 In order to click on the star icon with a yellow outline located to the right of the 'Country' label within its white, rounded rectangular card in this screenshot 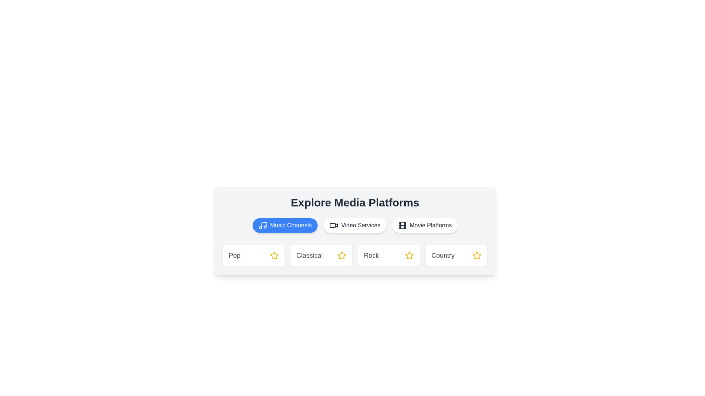, I will do `click(477, 255)`.